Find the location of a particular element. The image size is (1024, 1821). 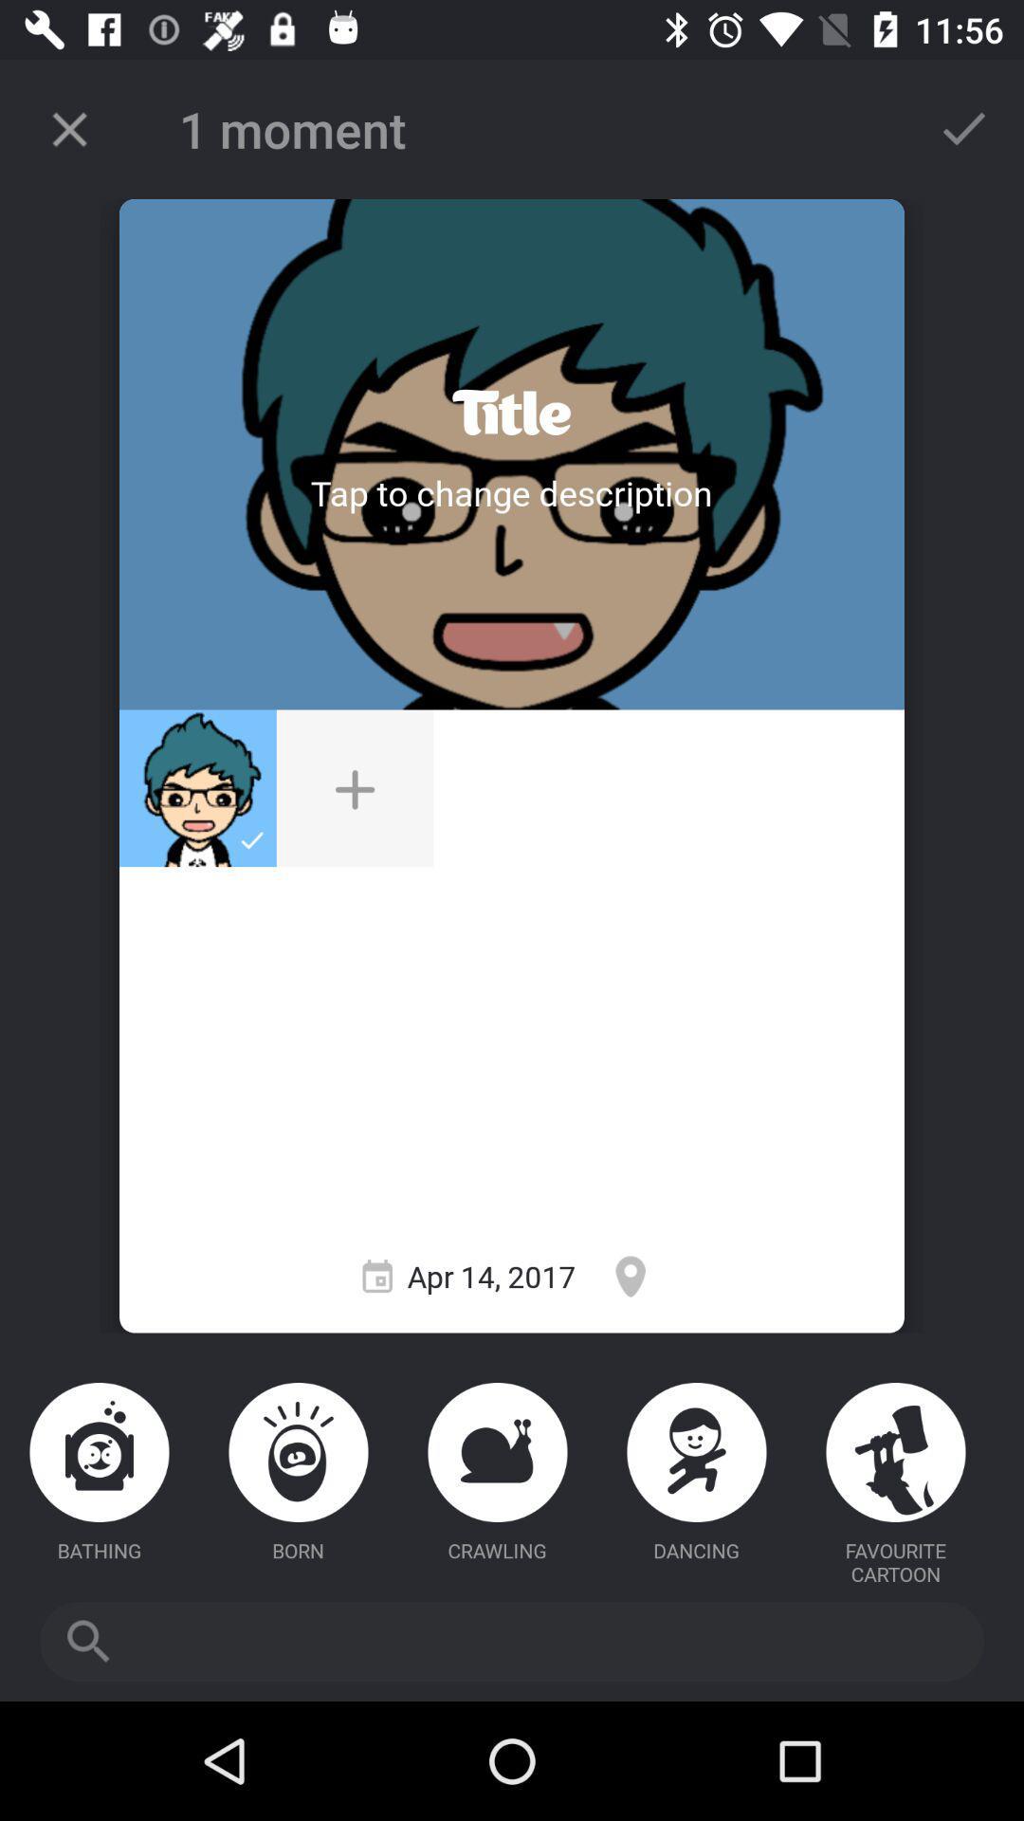

tap to title is located at coordinates (510, 492).